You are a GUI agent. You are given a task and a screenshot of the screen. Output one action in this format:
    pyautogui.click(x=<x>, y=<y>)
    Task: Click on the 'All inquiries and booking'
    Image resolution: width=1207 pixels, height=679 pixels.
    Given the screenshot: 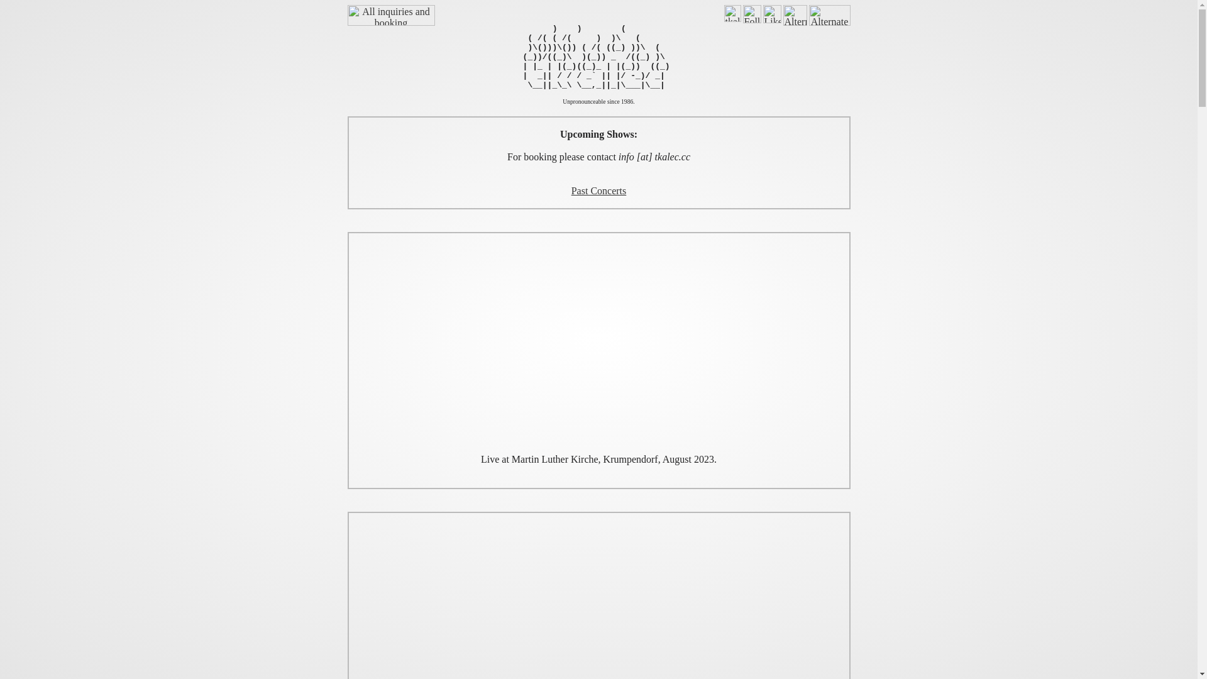 What is the action you would take?
    pyautogui.click(x=390, y=15)
    